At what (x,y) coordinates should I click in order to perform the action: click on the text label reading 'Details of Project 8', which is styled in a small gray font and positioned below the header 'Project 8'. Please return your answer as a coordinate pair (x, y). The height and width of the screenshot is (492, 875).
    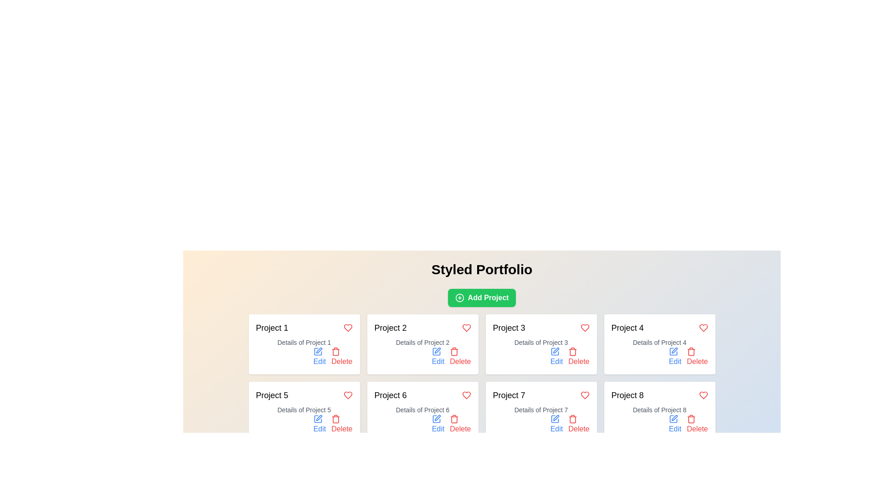
    Looking at the image, I should click on (659, 409).